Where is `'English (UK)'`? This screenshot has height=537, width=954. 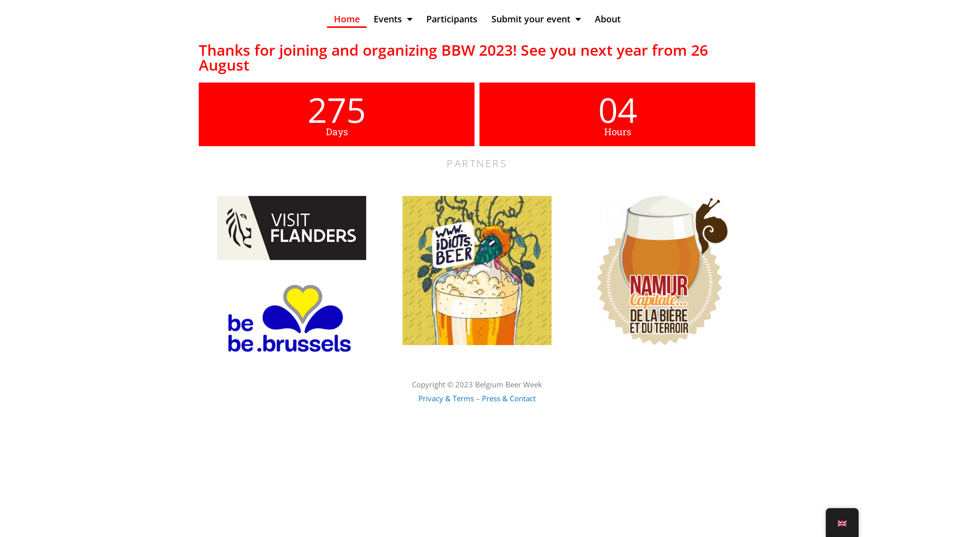
'English (UK)' is located at coordinates (841, 523).